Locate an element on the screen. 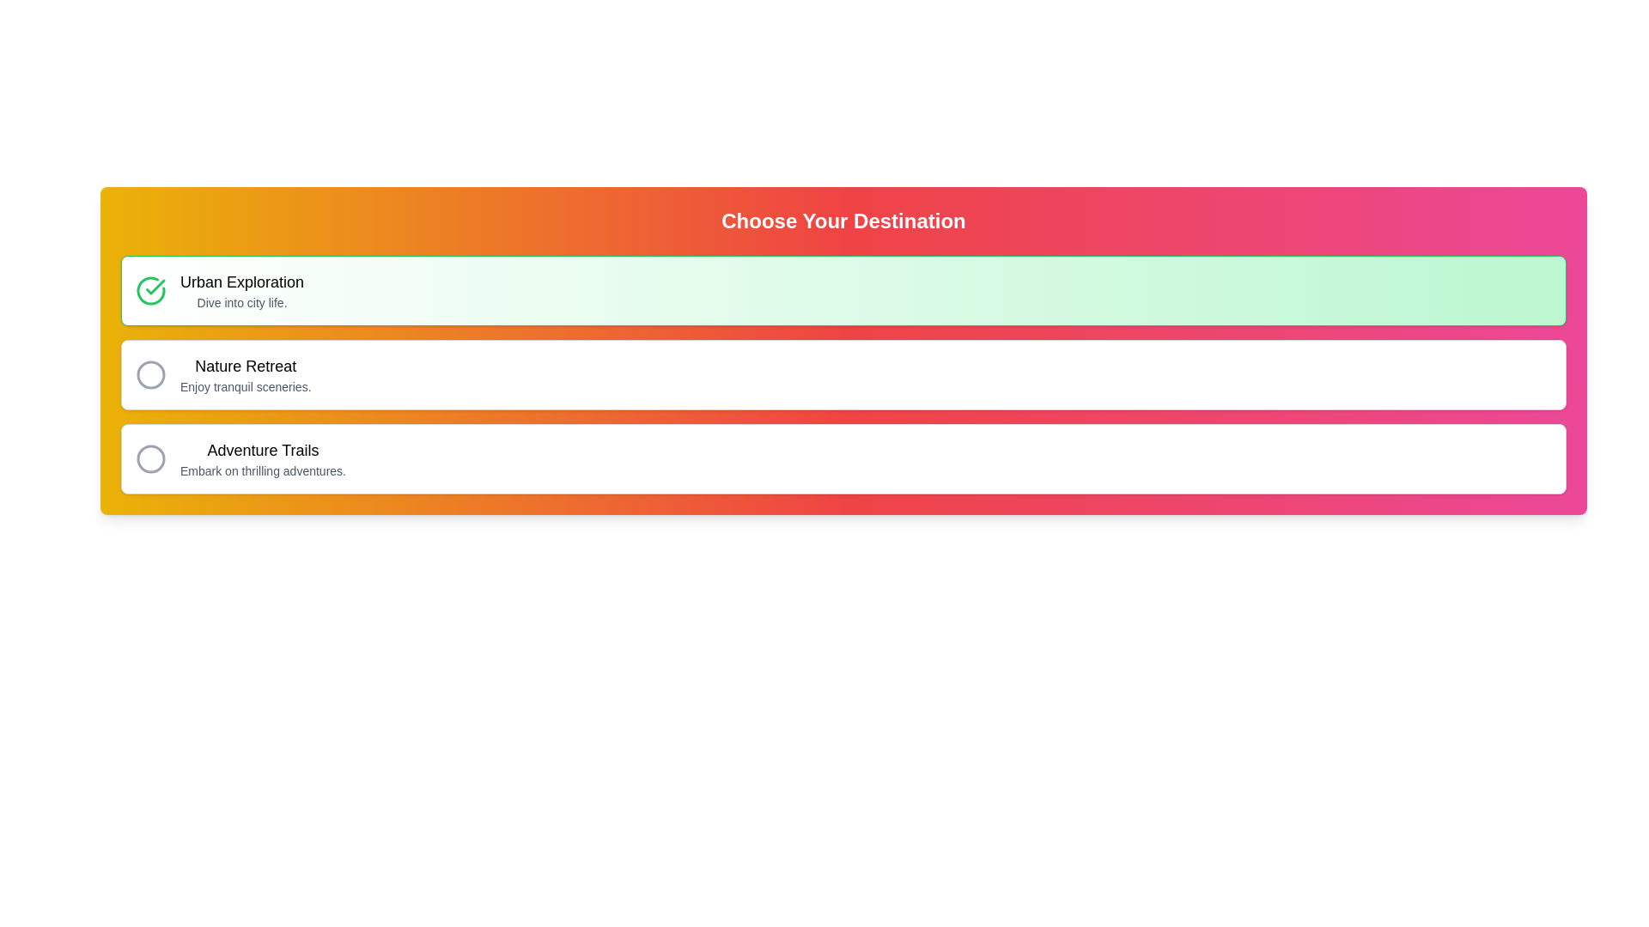 The width and height of the screenshot is (1649, 927). the text element styled as 'Adventure Trails', which is the title of the third list item, before the description 'Embark on thrilling adventures.' is located at coordinates (262, 449).